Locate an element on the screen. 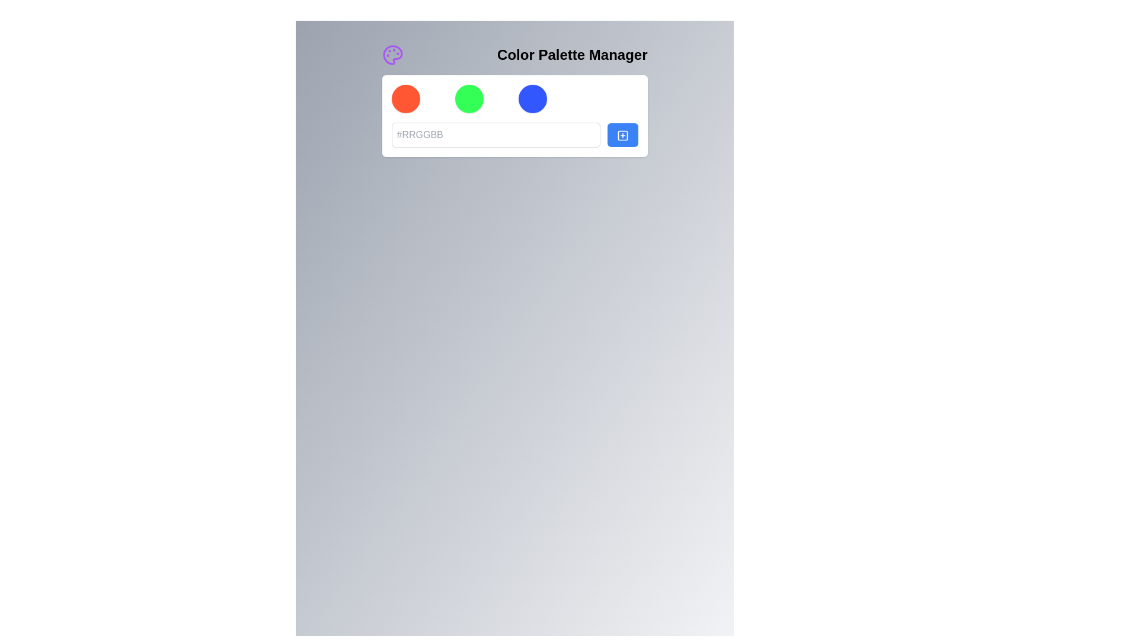 Image resolution: width=1138 pixels, height=640 pixels. the 'Color Palette Manager' section is located at coordinates (514, 95).